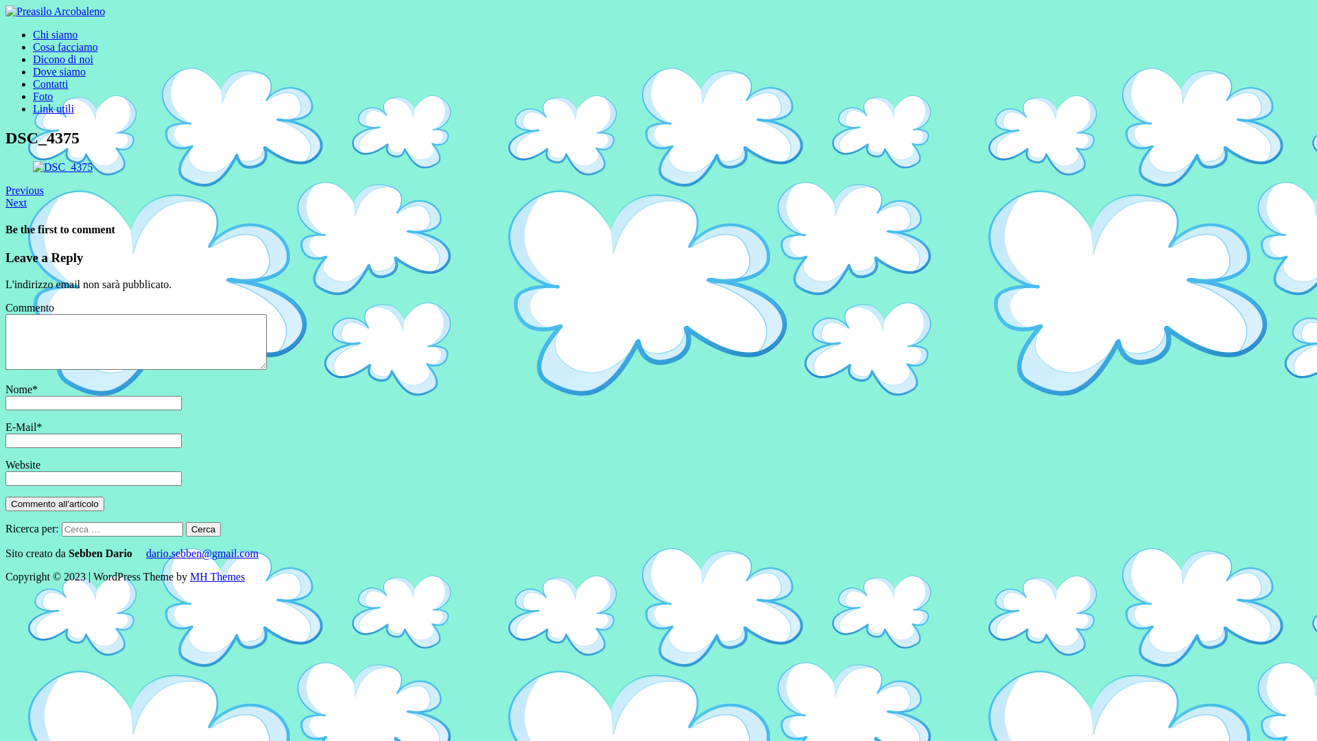 This screenshot has height=741, width=1317. Describe the element at coordinates (58, 71) in the screenshot. I see `'Dove siamo'` at that location.